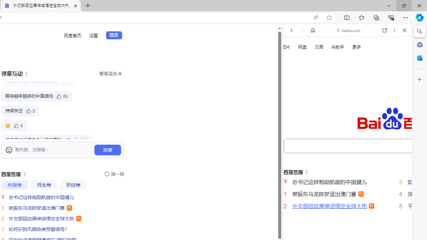 This screenshot has width=427, height=240. What do you see at coordinates (345, 139) in the screenshot?
I see `'OF | English meaning - Cambridge Dictionary'` at bounding box center [345, 139].